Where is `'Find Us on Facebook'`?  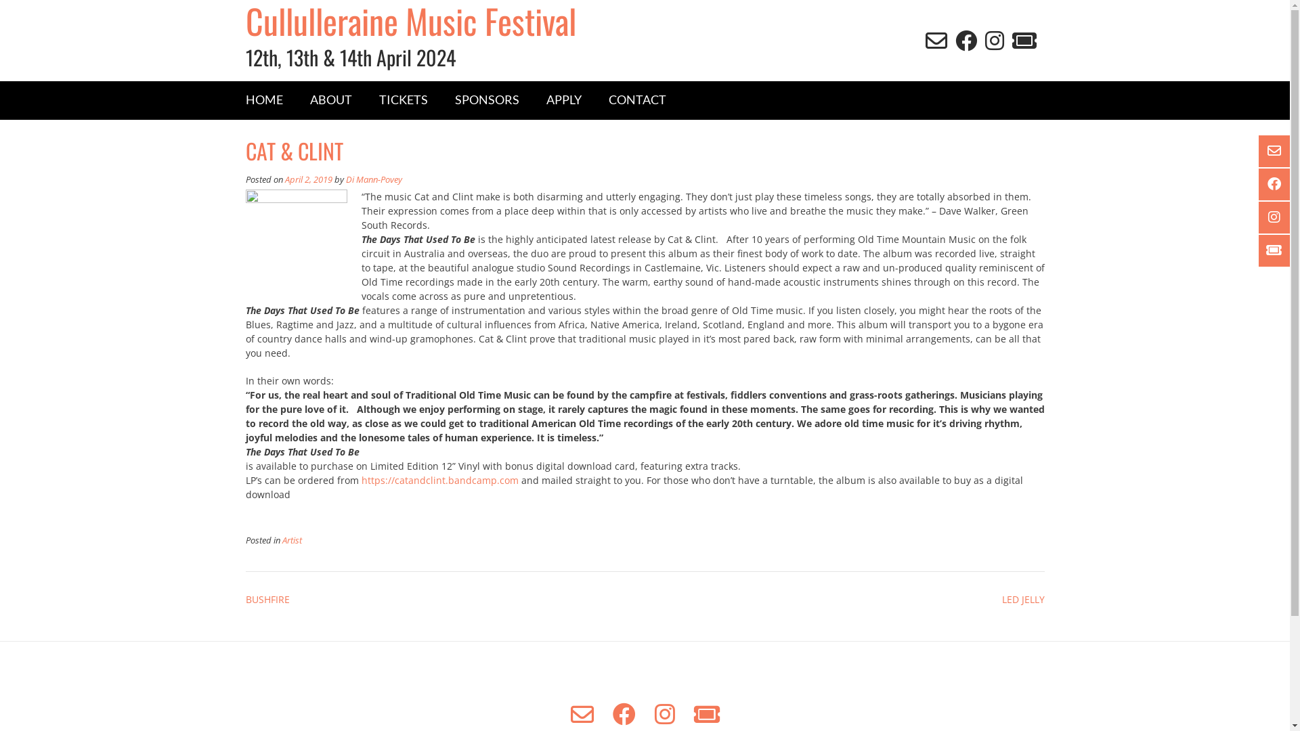
'Find Us on Facebook' is located at coordinates (623, 713).